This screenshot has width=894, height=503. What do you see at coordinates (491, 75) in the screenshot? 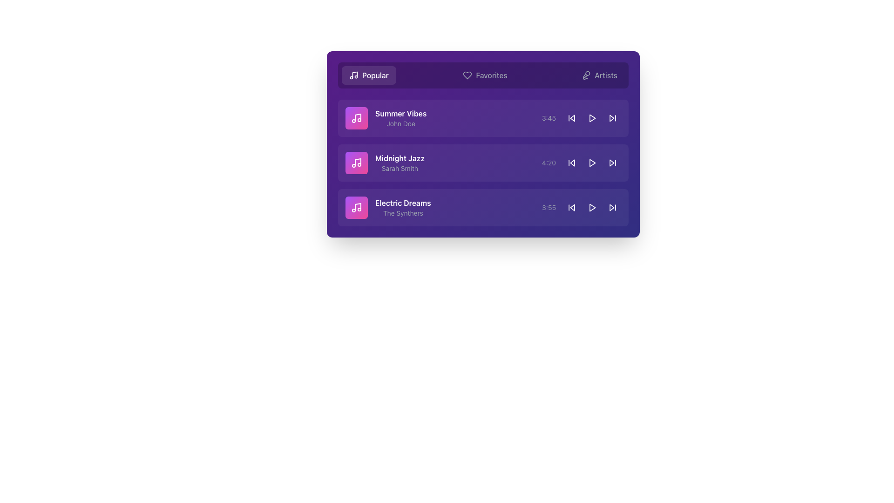
I see `the 'Favorites' label element, which displays the word 'Favorites' in white font on a purple background, positioned between 'Popular' and 'Artists'` at bounding box center [491, 75].